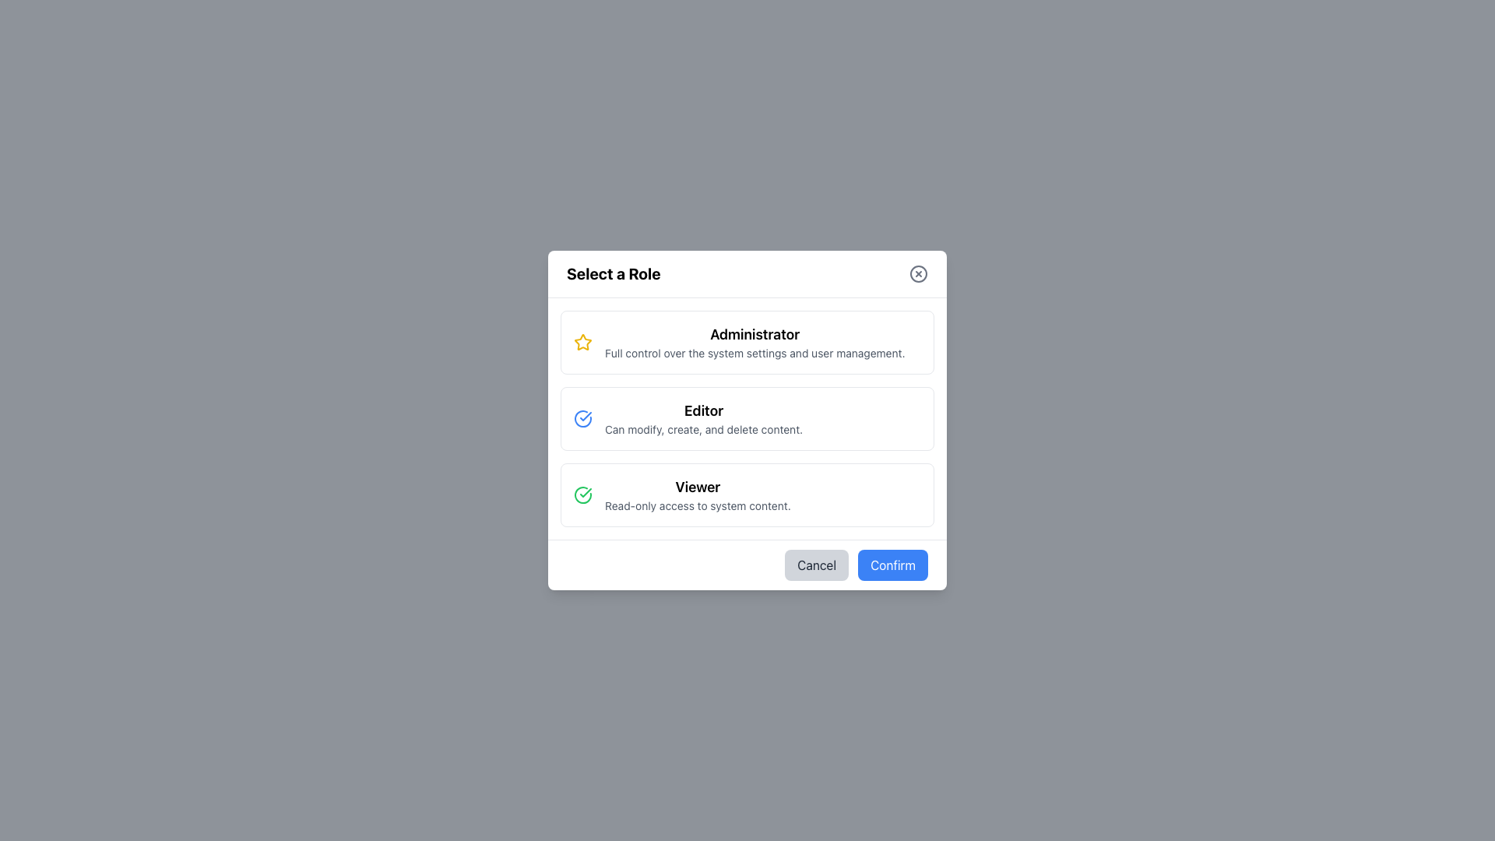  Describe the element at coordinates (582, 495) in the screenshot. I see `the circular checkmark icon with a green stroke located to the left of the 'Viewer' text label in the third block of options under the 'Select a Role' heading` at that location.